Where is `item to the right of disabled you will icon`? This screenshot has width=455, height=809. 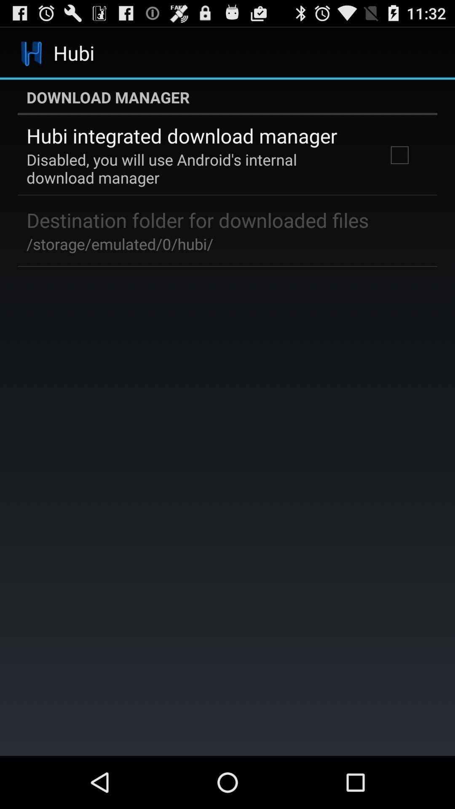
item to the right of disabled you will icon is located at coordinates (399, 155).